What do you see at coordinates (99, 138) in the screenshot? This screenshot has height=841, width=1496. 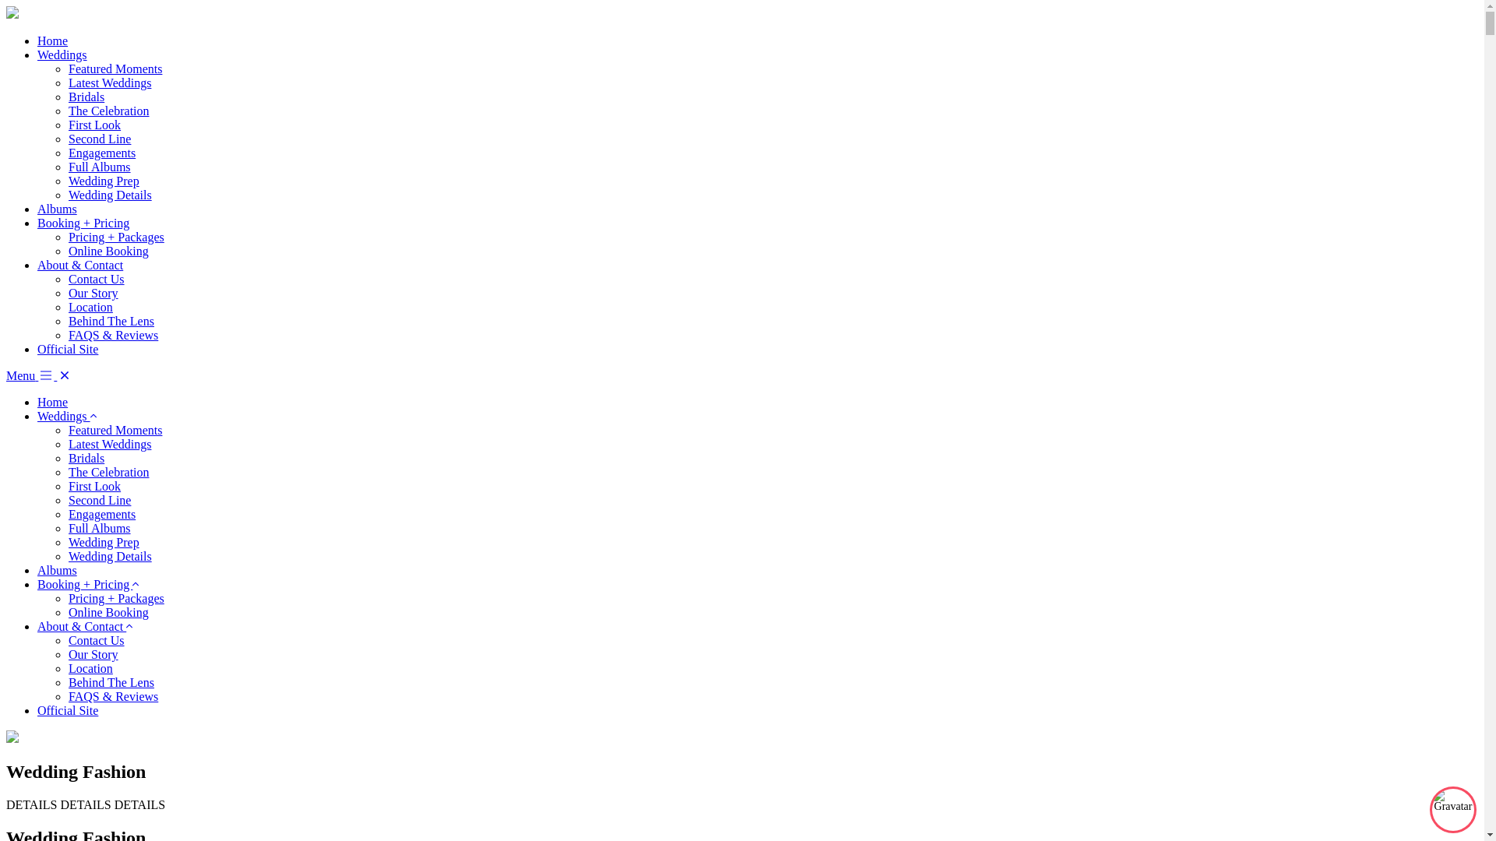 I see `'Second Line'` at bounding box center [99, 138].